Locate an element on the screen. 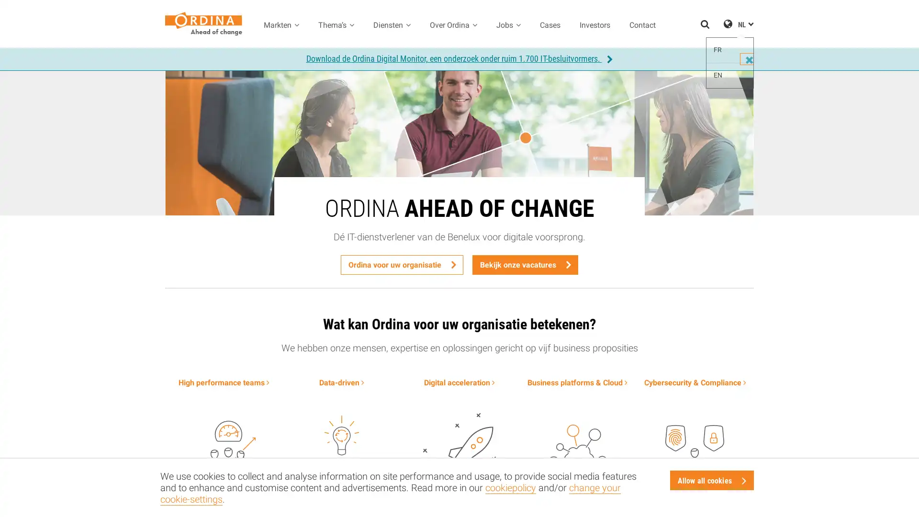  Zoeken openen / sluiten is located at coordinates (705, 23).